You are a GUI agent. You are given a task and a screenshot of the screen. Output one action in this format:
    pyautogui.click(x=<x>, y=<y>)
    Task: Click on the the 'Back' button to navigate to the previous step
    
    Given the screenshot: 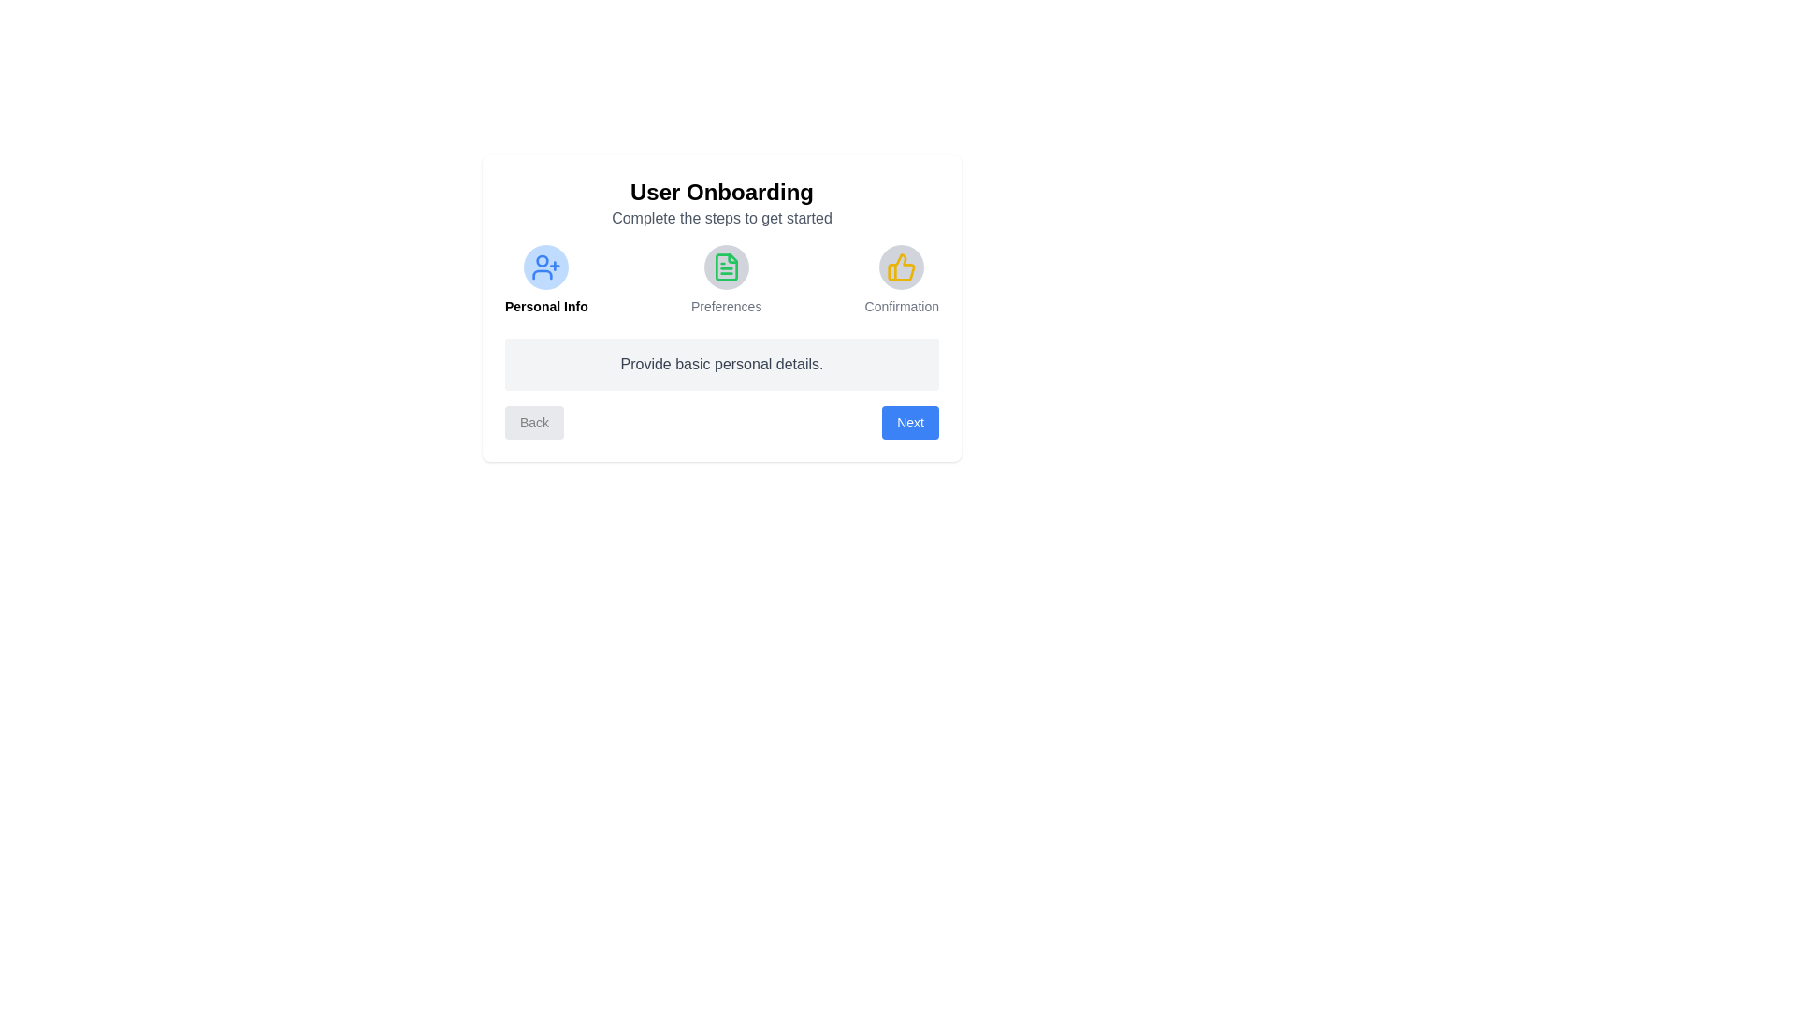 What is the action you would take?
    pyautogui.click(x=533, y=422)
    